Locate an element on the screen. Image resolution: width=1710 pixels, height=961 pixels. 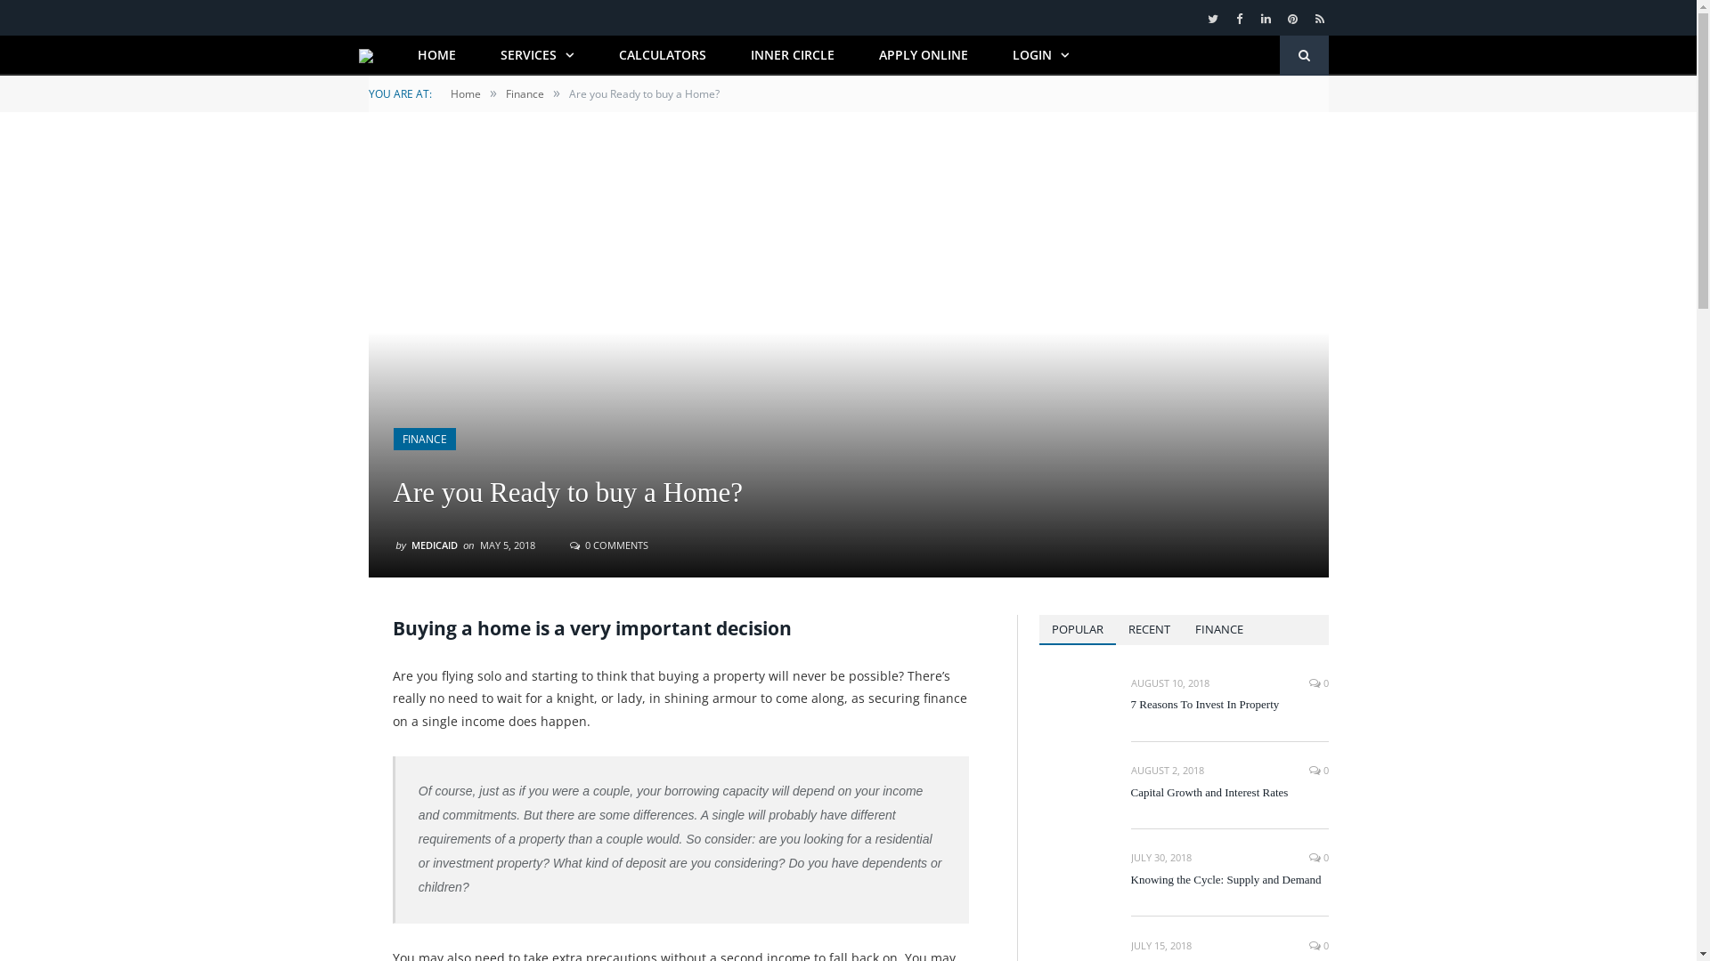
'Pinterest' is located at coordinates (1293, 20).